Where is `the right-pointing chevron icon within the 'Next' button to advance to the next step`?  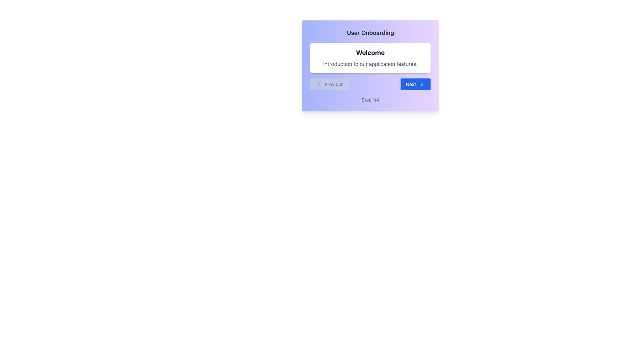 the right-pointing chevron icon within the 'Next' button to advance to the next step is located at coordinates (422, 84).